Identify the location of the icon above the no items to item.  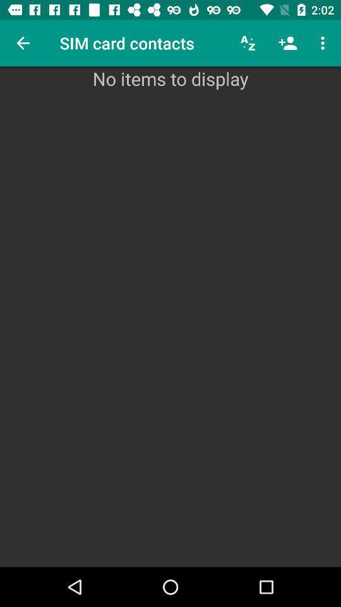
(23, 43).